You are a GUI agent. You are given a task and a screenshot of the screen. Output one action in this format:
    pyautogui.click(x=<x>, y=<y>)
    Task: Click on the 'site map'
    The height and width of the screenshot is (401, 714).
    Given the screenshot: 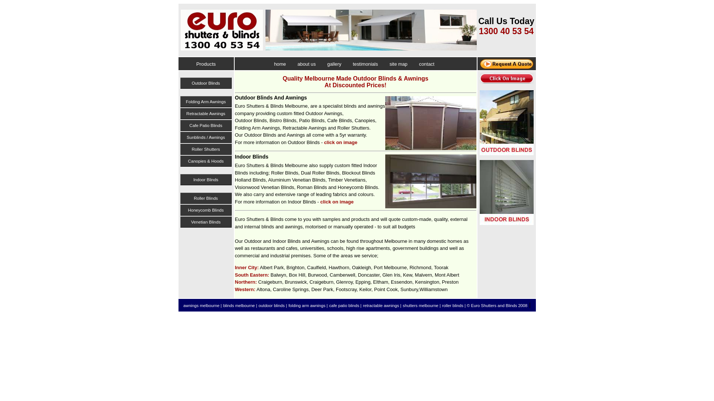 What is the action you would take?
    pyautogui.click(x=398, y=63)
    